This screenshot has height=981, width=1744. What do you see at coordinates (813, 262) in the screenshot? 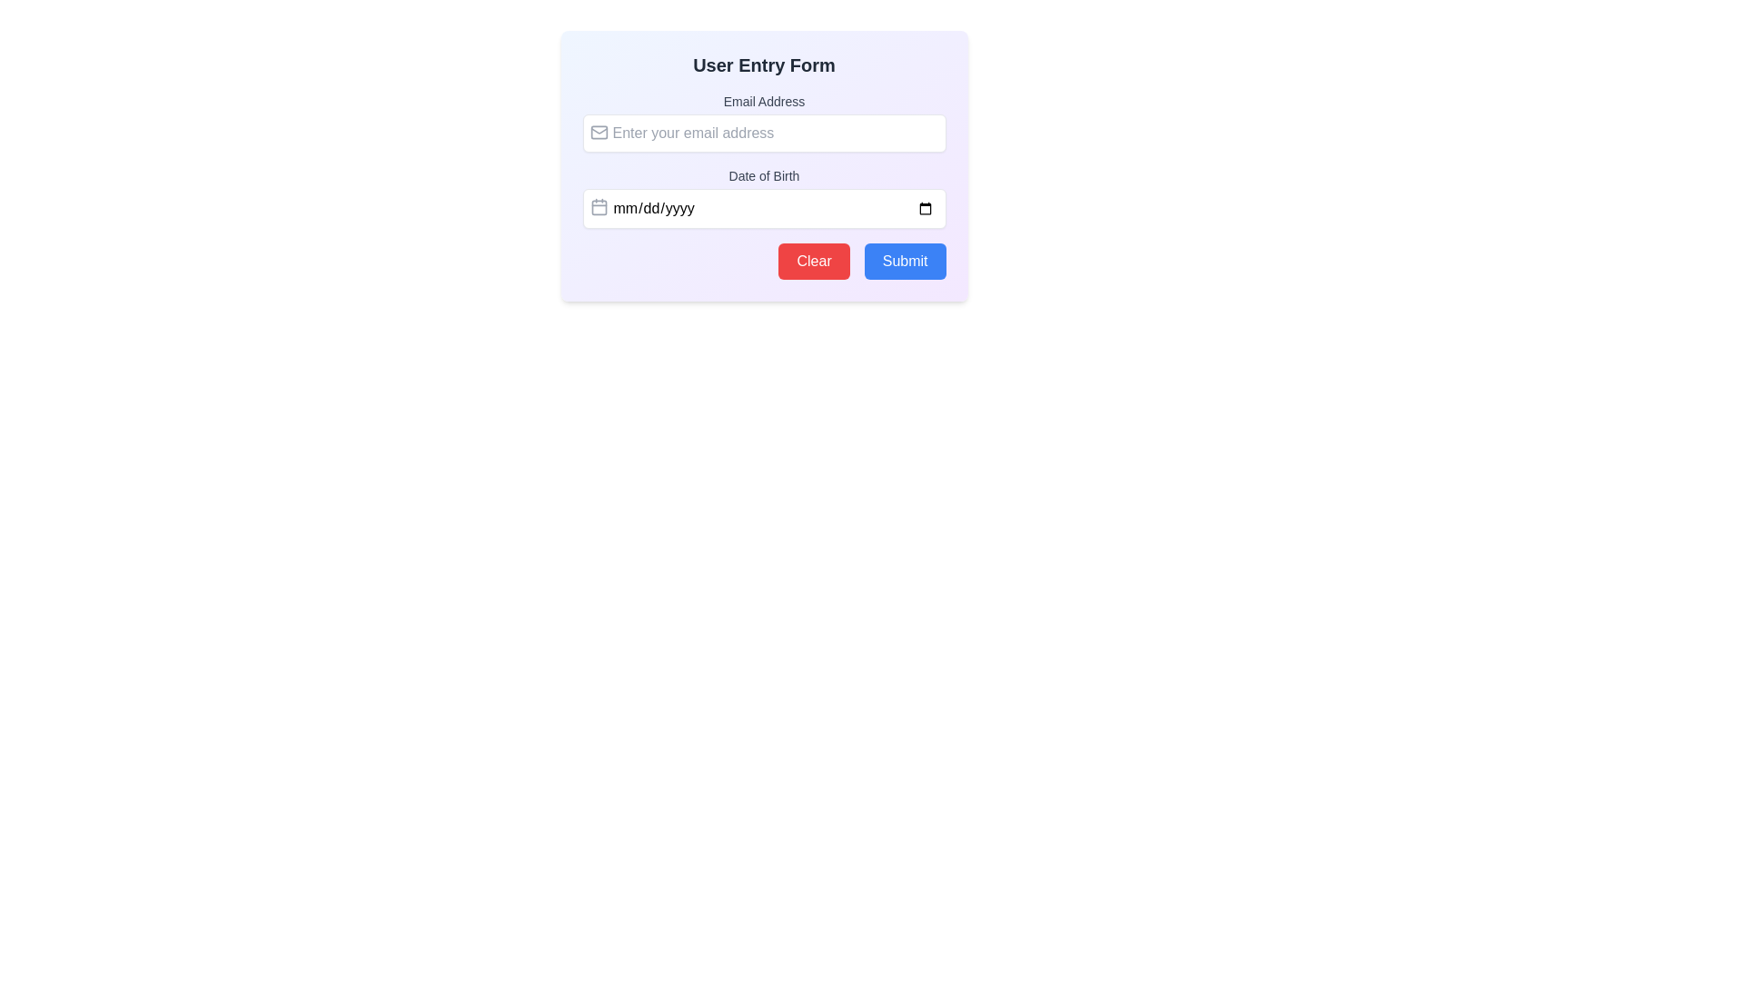
I see `the 'Clear' button, which is a rectangular button with a red background and white text, to observe its hover effect` at bounding box center [813, 262].